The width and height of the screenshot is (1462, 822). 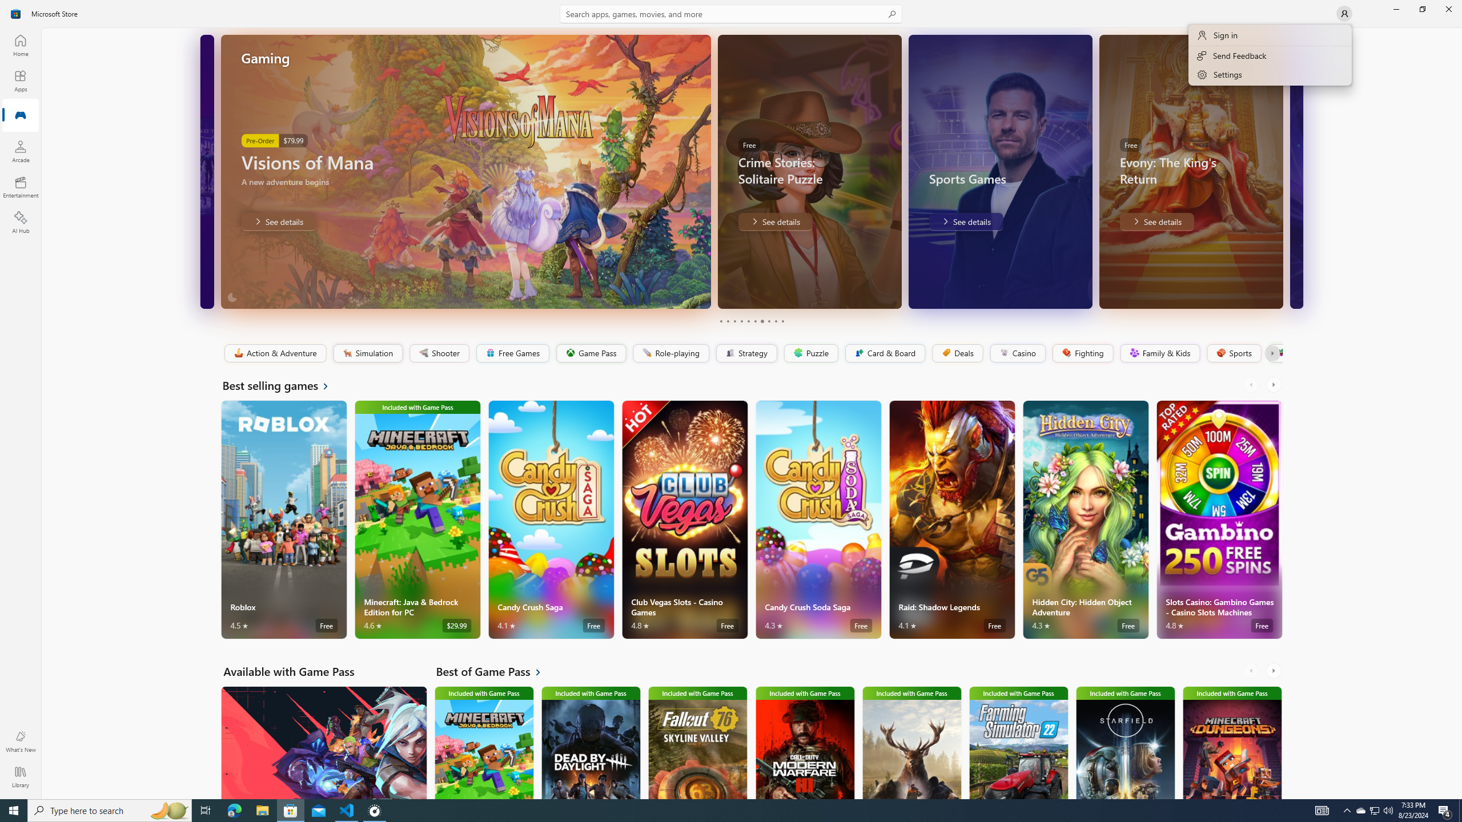 What do you see at coordinates (957, 353) in the screenshot?
I see `'Deals'` at bounding box center [957, 353].